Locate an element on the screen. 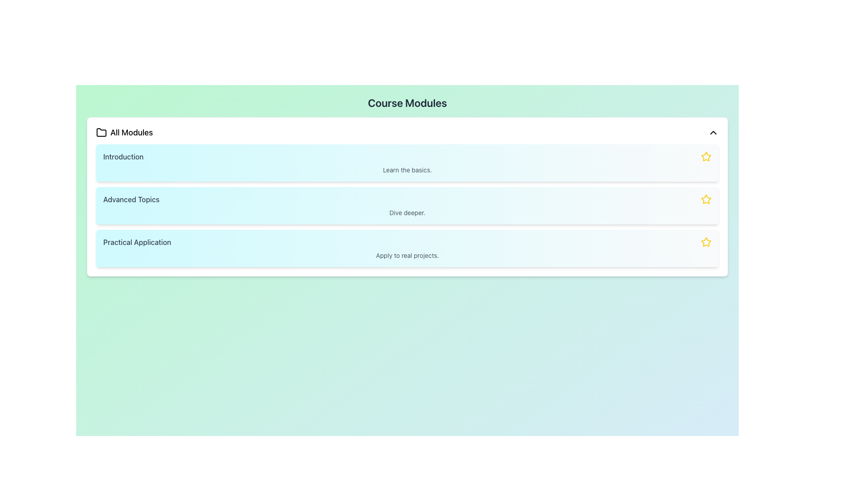  the folder icon located at the top left corner of the card, next to the text 'All Modules' is located at coordinates (101, 132).